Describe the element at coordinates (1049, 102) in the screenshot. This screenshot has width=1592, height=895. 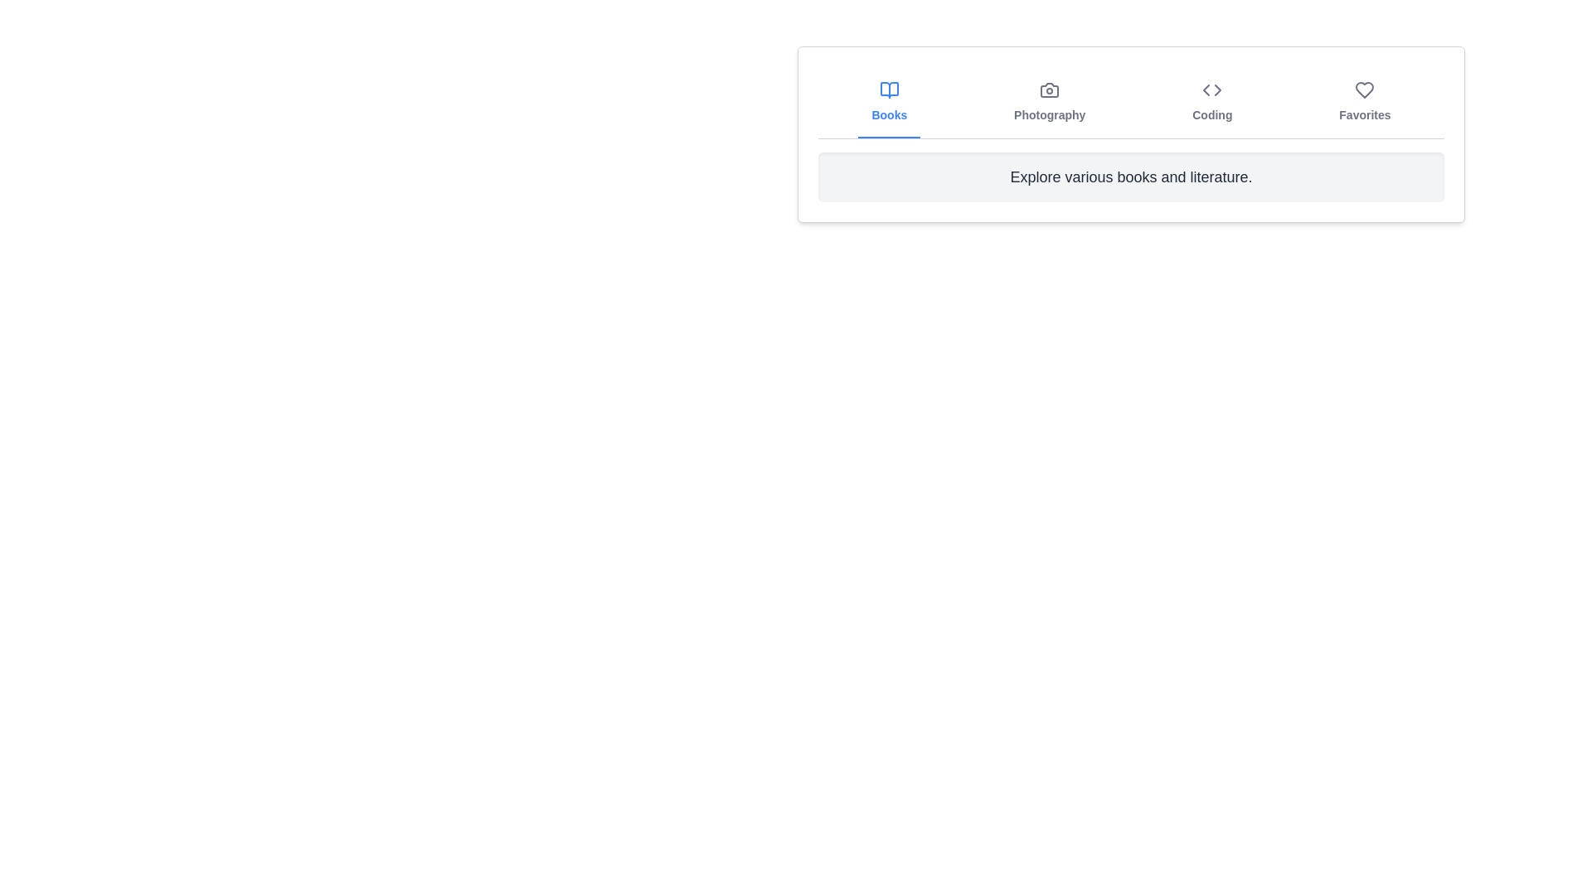
I see `the 'Photography' tab in the navigation bar to observe visual effects` at that location.